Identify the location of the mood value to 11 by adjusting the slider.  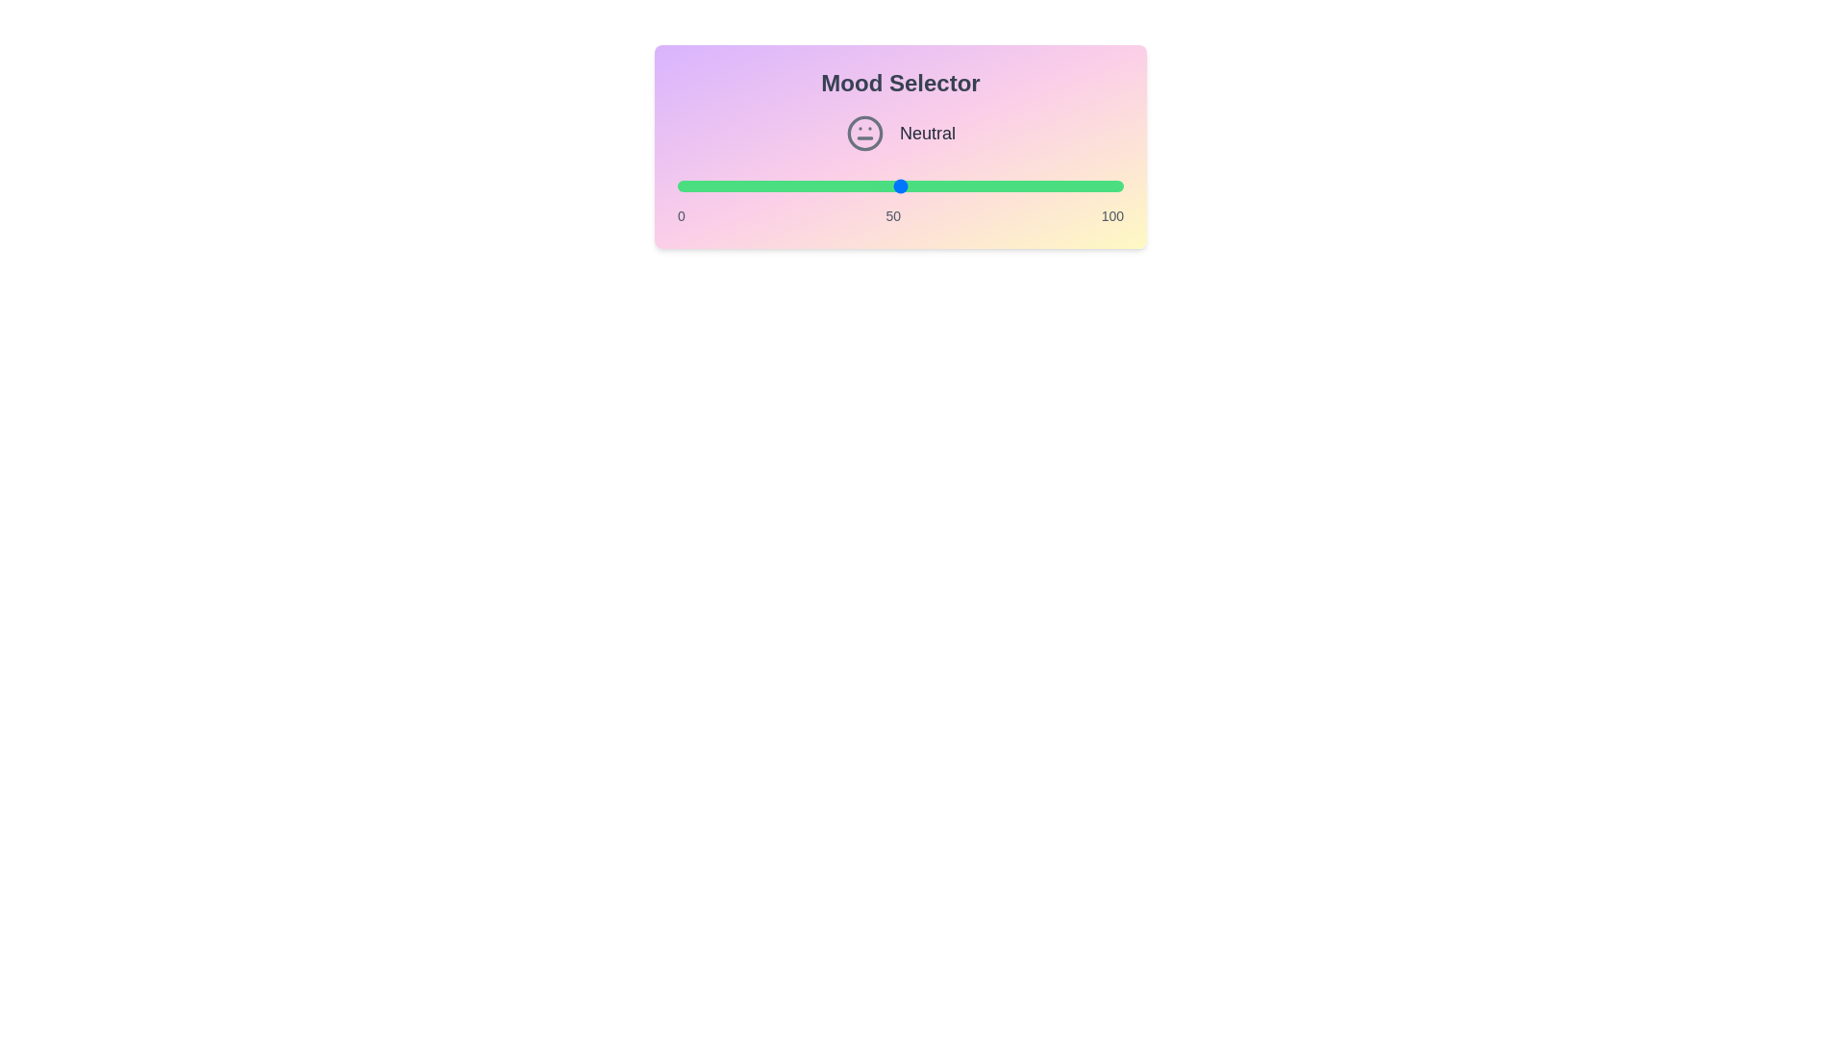
(726, 185).